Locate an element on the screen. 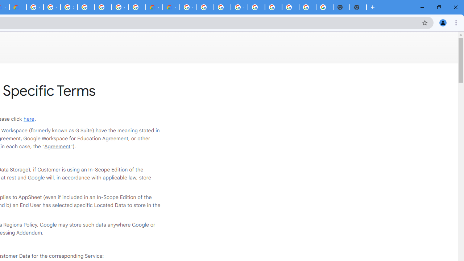 The width and height of the screenshot is (464, 261). 'Google Cloud Estimate Summary' is located at coordinates (171, 7).